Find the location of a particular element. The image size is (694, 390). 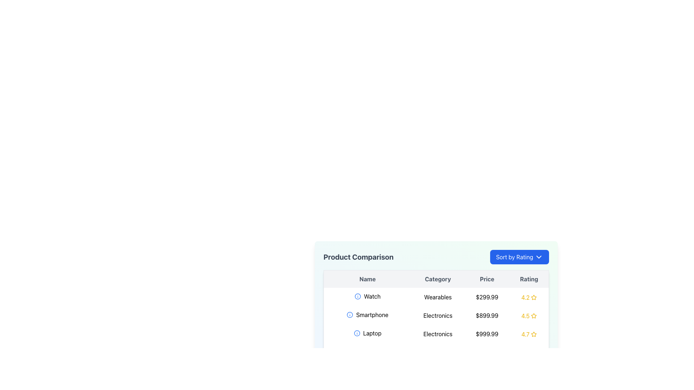

the first row of the product comparison table that contains product details such as name, category, price, and rating is located at coordinates (436, 296).